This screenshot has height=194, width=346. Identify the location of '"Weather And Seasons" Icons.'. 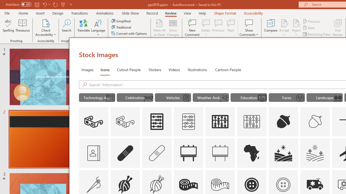
(211, 98).